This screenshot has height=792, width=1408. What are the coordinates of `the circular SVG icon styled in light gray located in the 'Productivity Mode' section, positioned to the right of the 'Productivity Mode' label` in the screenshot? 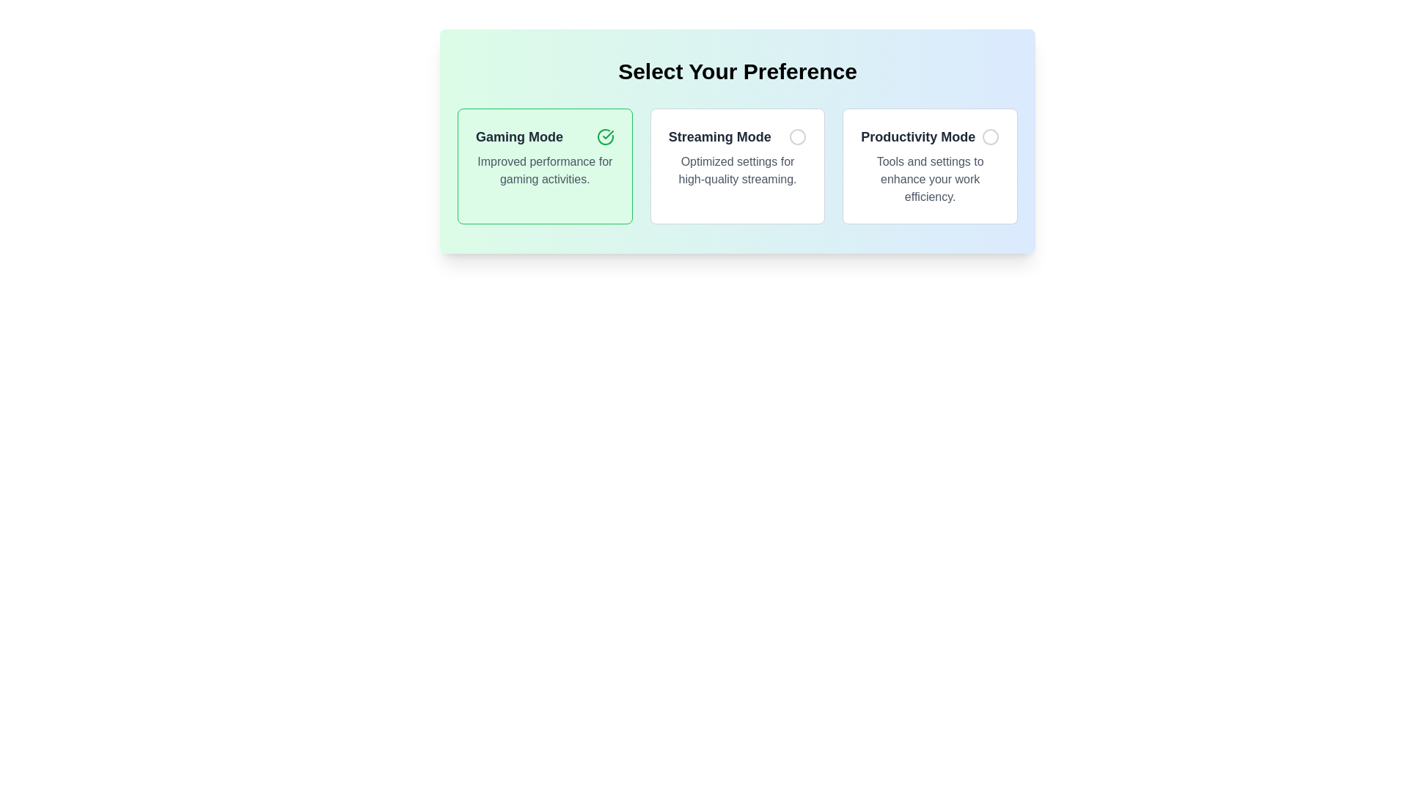 It's located at (990, 136).